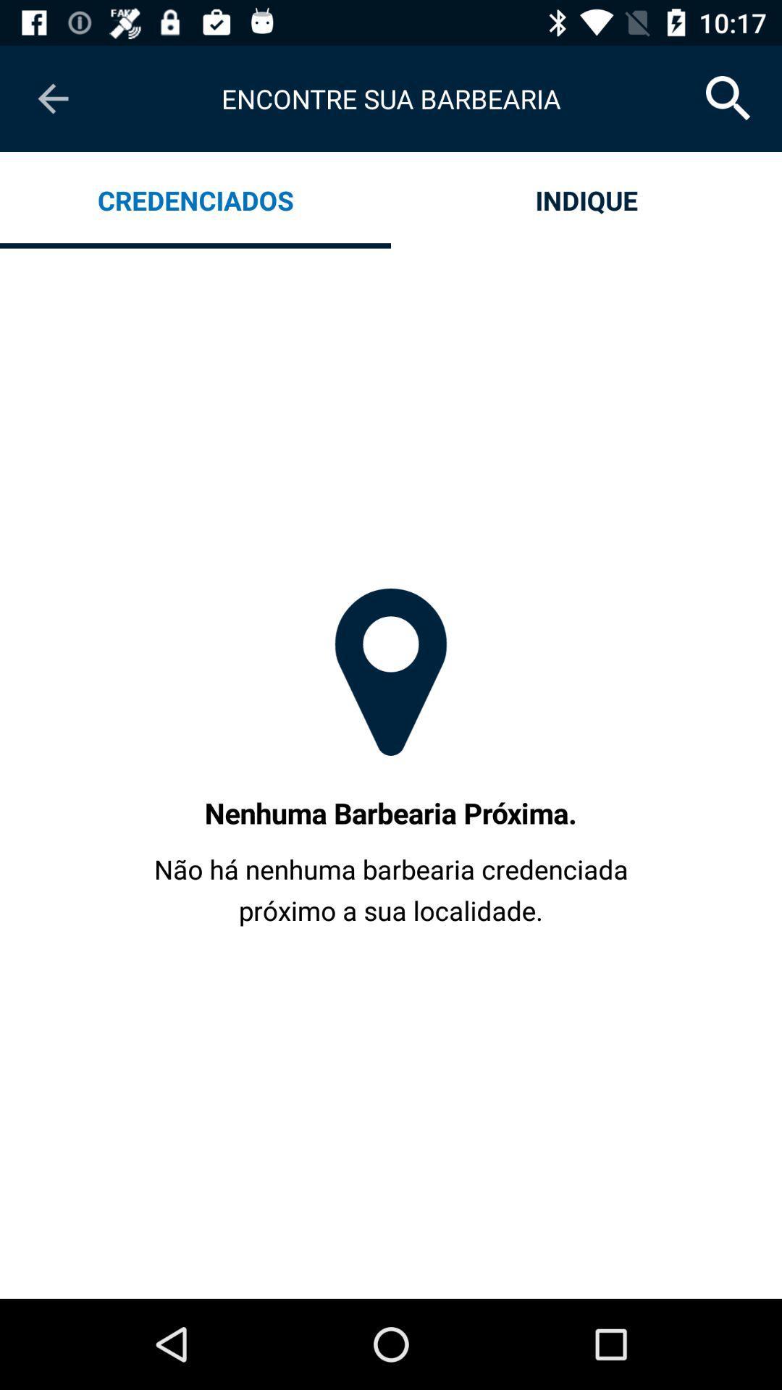 The width and height of the screenshot is (782, 1390). Describe the element at coordinates (728, 98) in the screenshot. I see `the icon next to the encontre sua barbearia icon` at that location.